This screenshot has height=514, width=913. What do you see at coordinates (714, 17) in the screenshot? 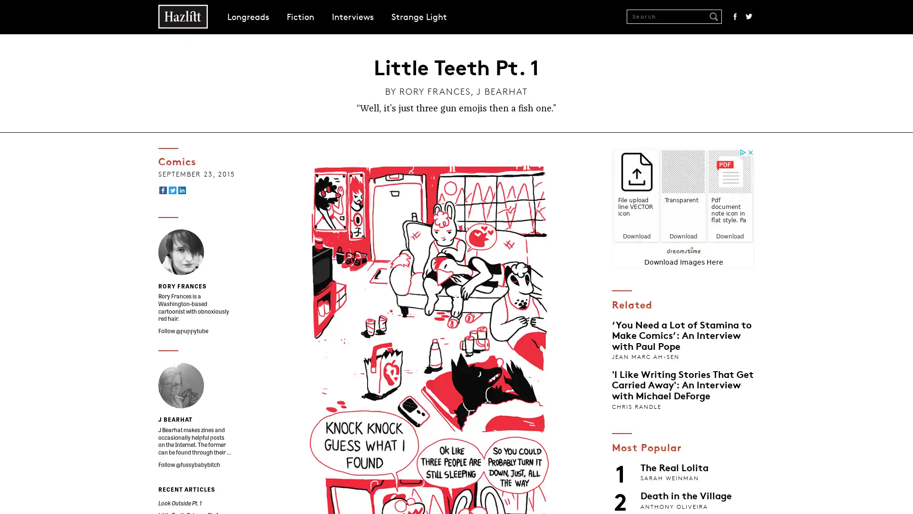
I see `Submit` at bounding box center [714, 17].